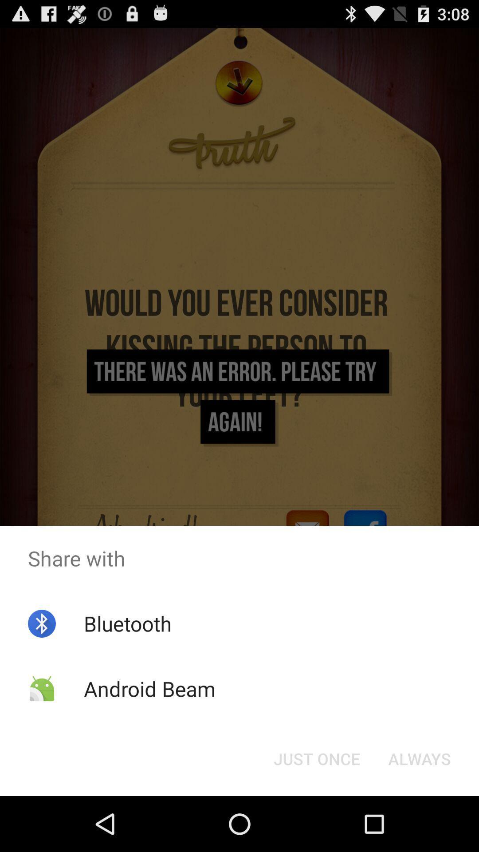  I want to click on the item at the bottom, so click(316, 758).